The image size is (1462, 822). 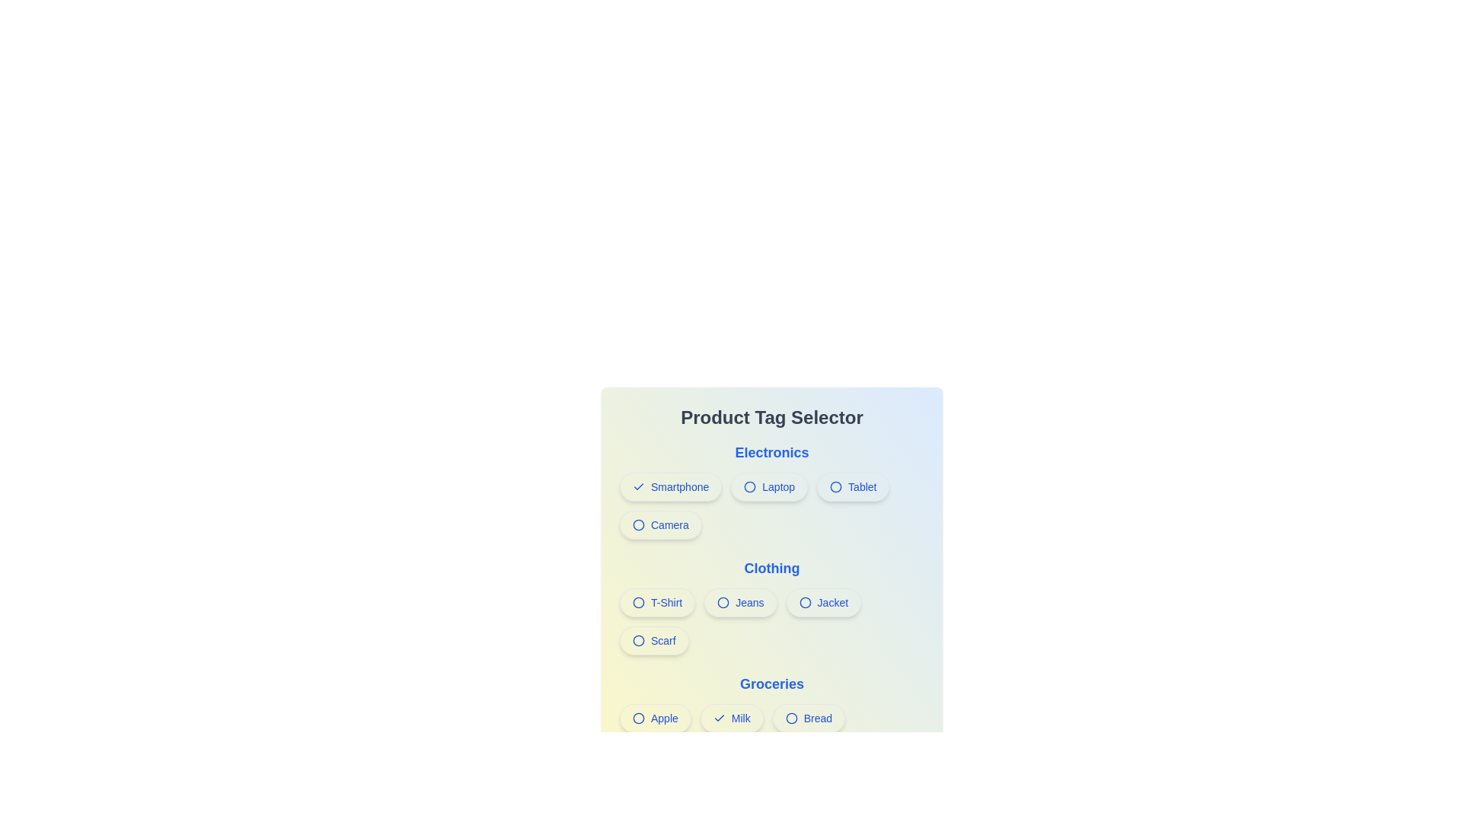 I want to click on the circular outline next to the 'Jacket' text in the 'Clothing' section of the interface, so click(x=804, y=601).